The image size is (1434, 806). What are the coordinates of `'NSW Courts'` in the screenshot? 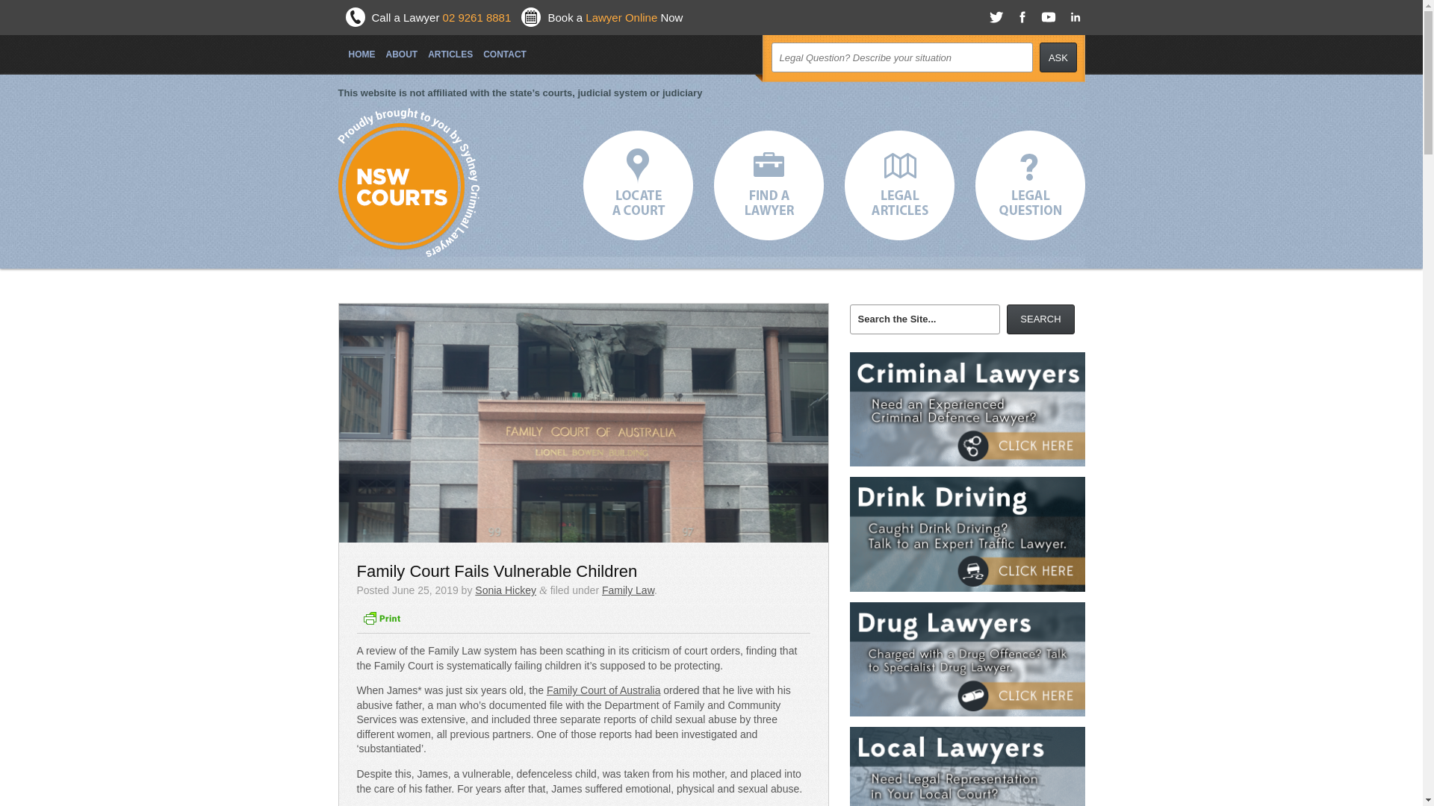 It's located at (401, 186).